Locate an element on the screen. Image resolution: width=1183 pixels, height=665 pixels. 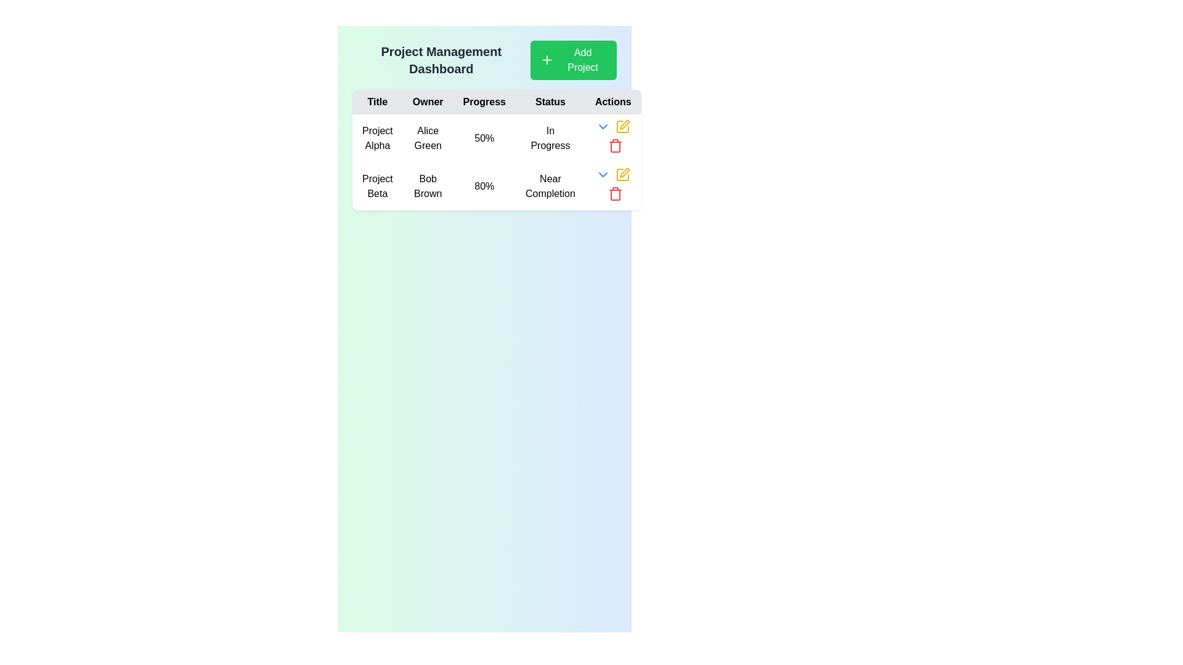
the delete button located in the last column under 'Actions' for the row associated with 'Project Alpha' is located at coordinates (613, 138).